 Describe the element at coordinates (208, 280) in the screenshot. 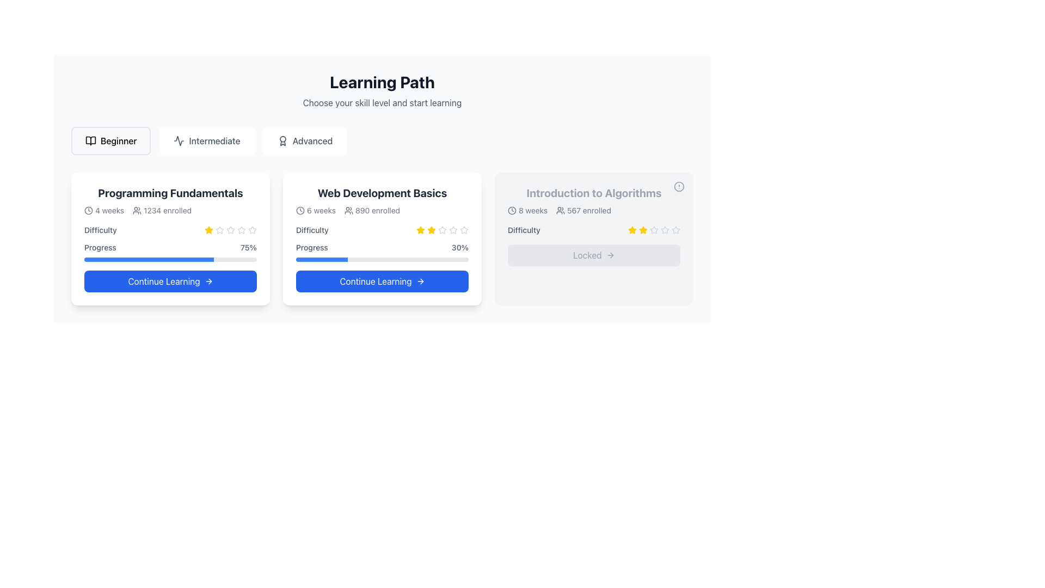

I see `the progress indicator icon located to the right of the 'Continue Learning' text within the 'Programming Fundamentals' card` at that location.